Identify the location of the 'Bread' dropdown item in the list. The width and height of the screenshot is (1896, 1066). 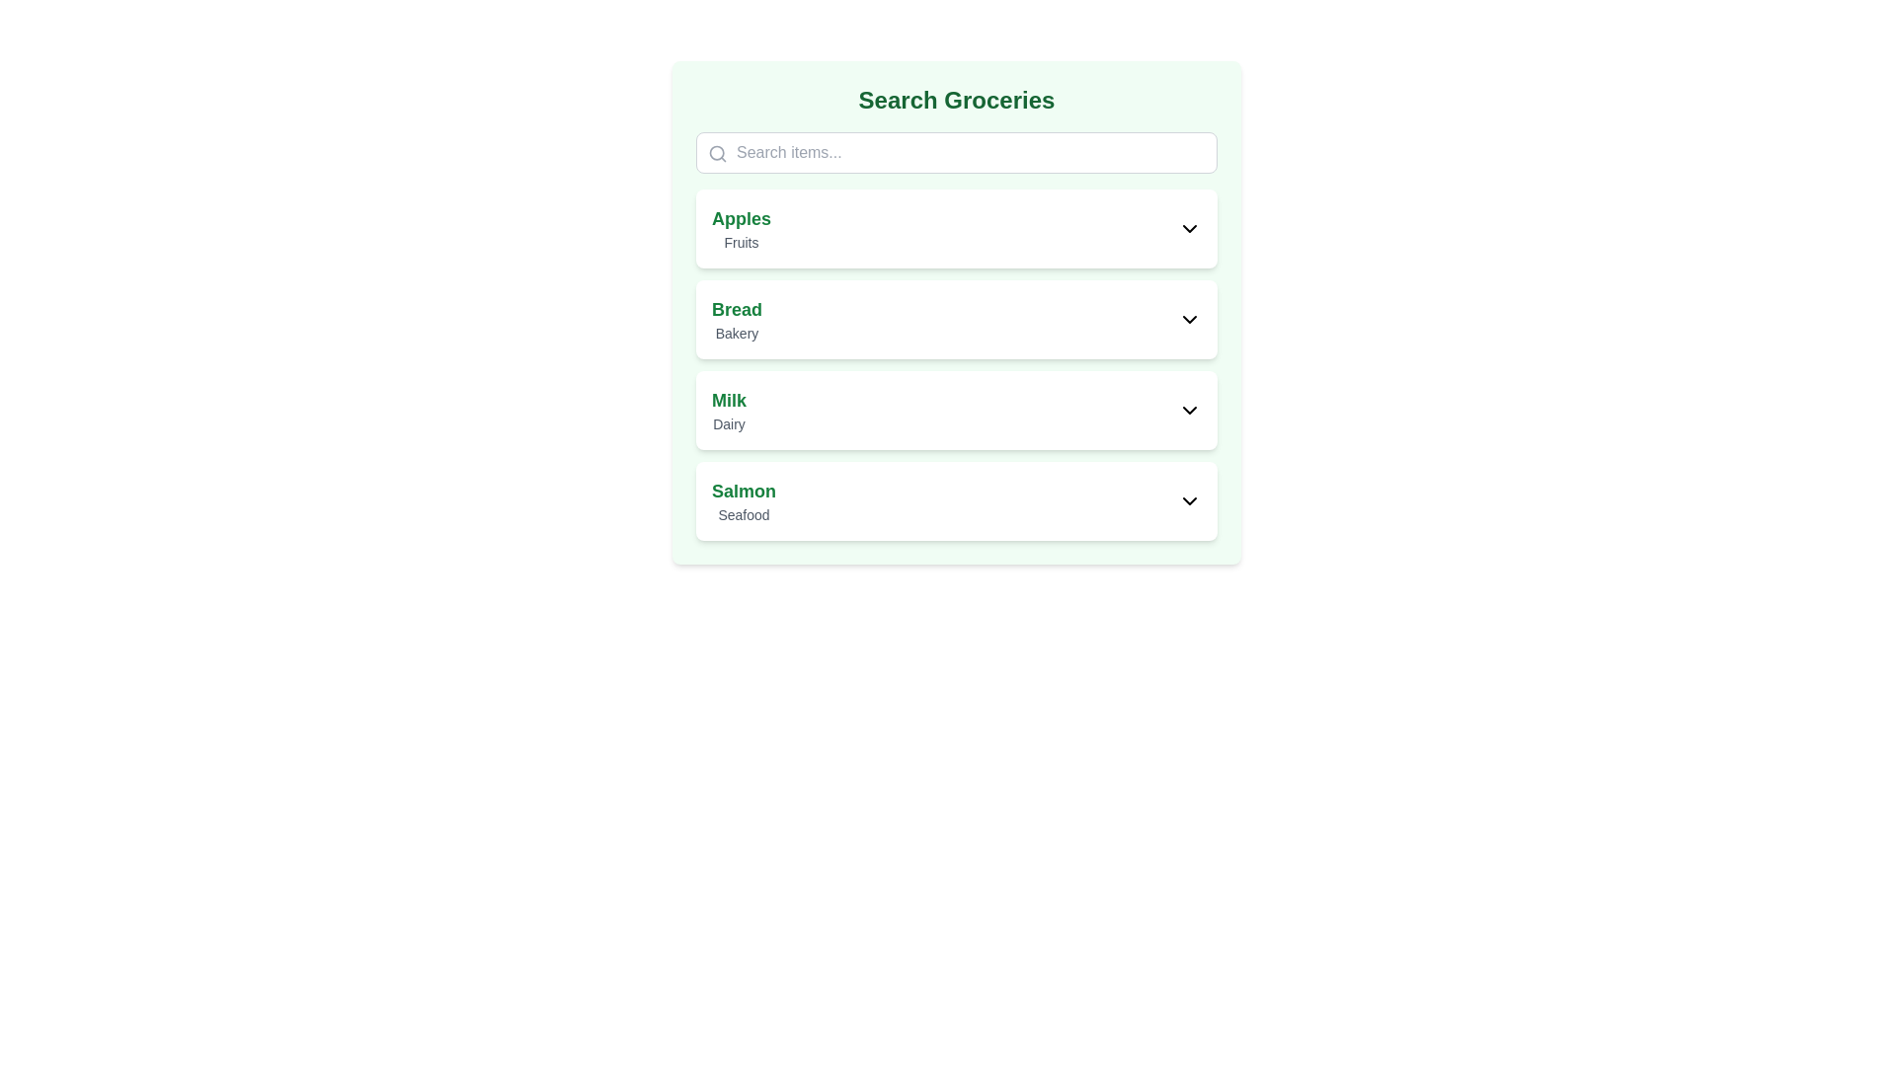
(957, 319).